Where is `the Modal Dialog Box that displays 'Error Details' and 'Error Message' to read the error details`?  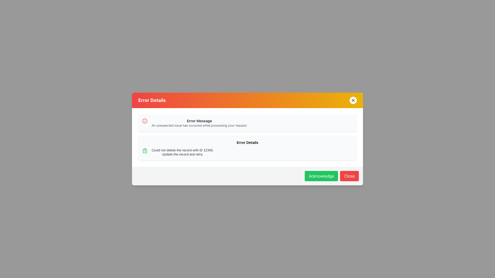
the Modal Dialog Box that displays 'Error Details' and 'Error Message' to read the error details is located at coordinates (247, 139).